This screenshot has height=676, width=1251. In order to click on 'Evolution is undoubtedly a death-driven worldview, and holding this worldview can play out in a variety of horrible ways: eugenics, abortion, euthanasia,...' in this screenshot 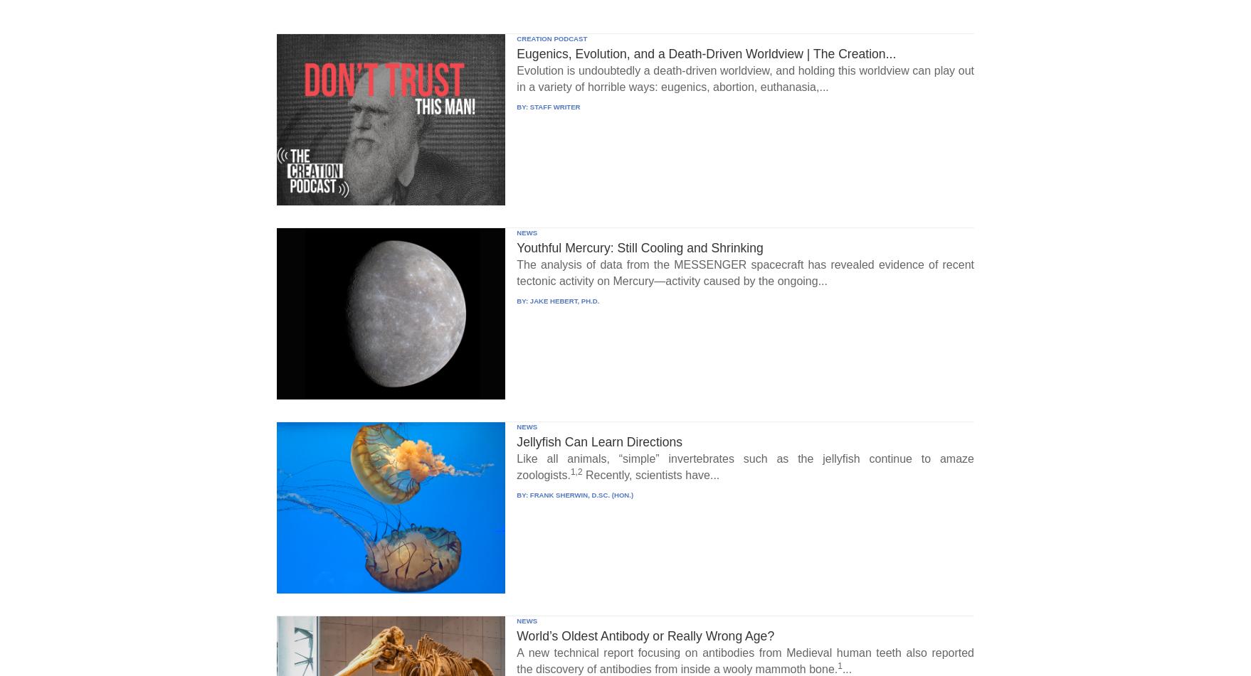, I will do `click(744, 78)`.